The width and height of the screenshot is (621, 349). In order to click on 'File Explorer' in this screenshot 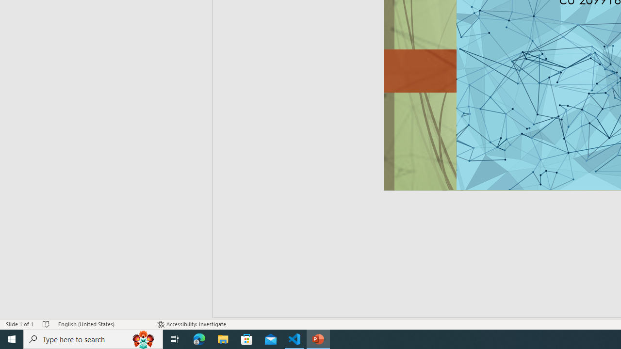, I will do `click(223, 338)`.